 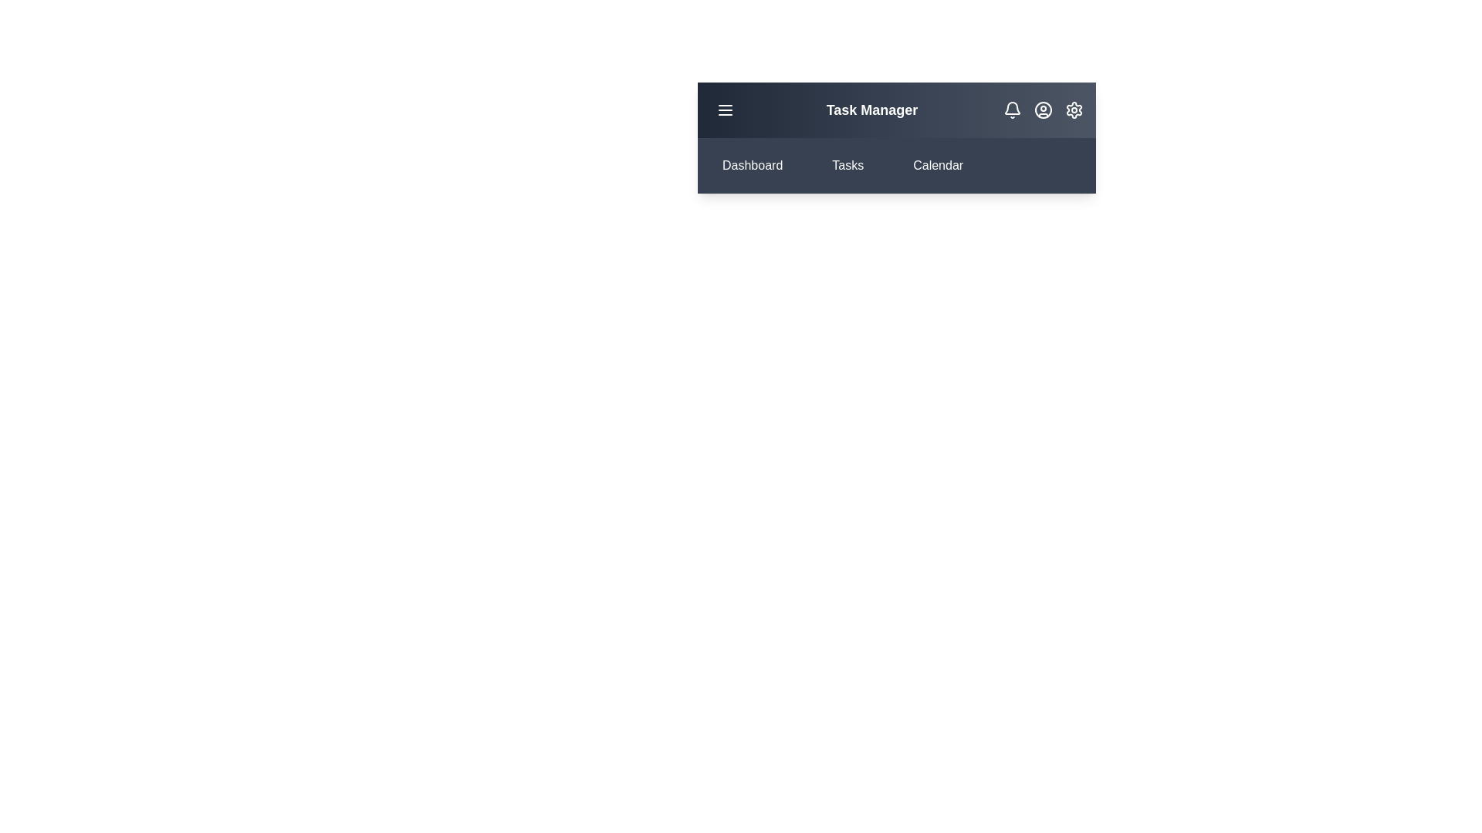 I want to click on the settings icon to access the settings menu, so click(x=1074, y=109).